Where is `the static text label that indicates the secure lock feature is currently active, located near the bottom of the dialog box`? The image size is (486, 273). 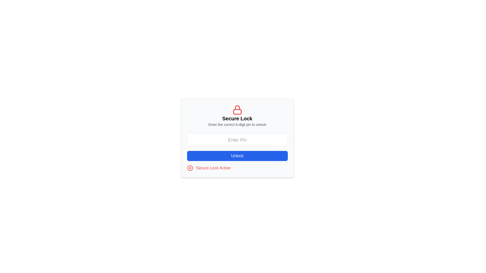
the static text label that indicates the secure lock feature is currently active, located near the bottom of the dialog box is located at coordinates (213, 168).